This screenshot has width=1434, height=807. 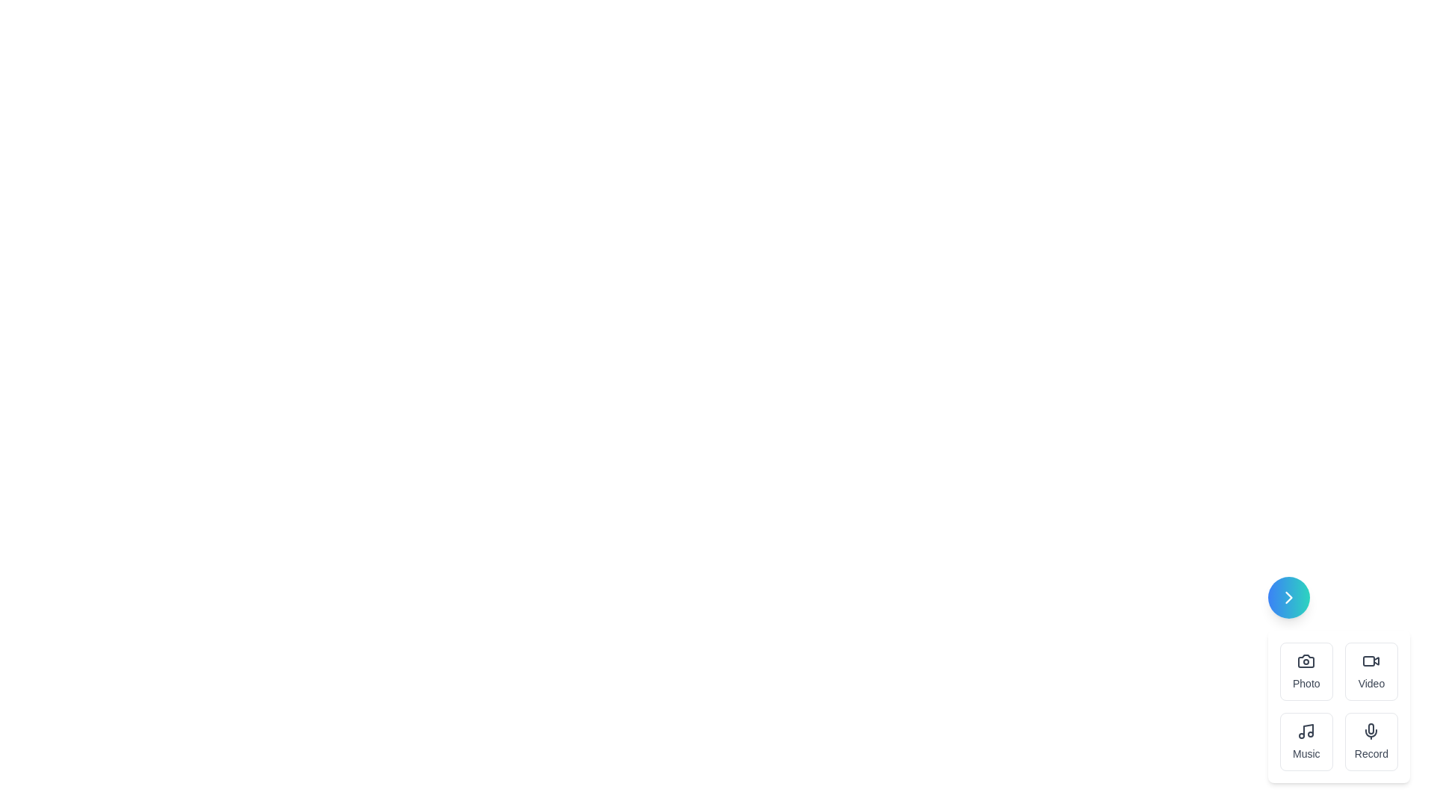 What do you see at coordinates (1288, 596) in the screenshot?
I see `the speed dial toggle button to open or close the menu` at bounding box center [1288, 596].